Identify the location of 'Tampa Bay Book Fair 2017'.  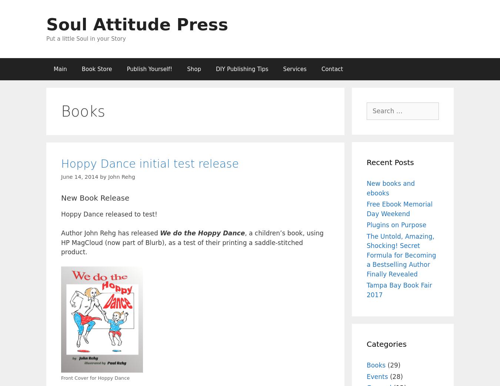
(399, 289).